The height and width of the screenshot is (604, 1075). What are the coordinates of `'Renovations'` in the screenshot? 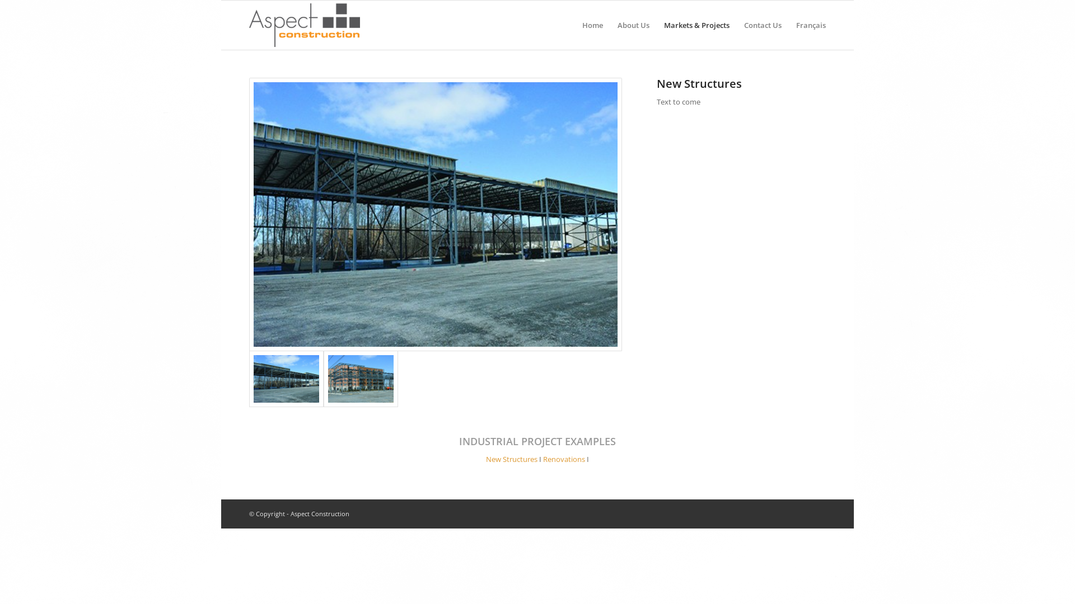 It's located at (564, 459).